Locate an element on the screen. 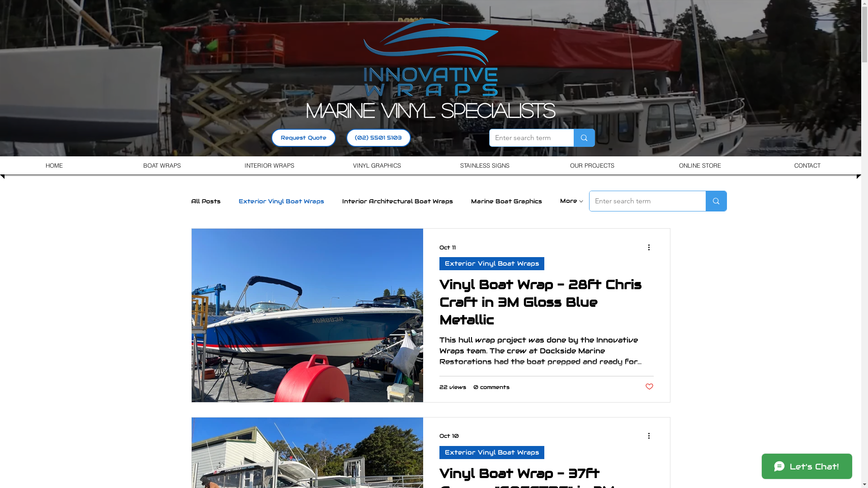  'All Posts' is located at coordinates (205, 200).